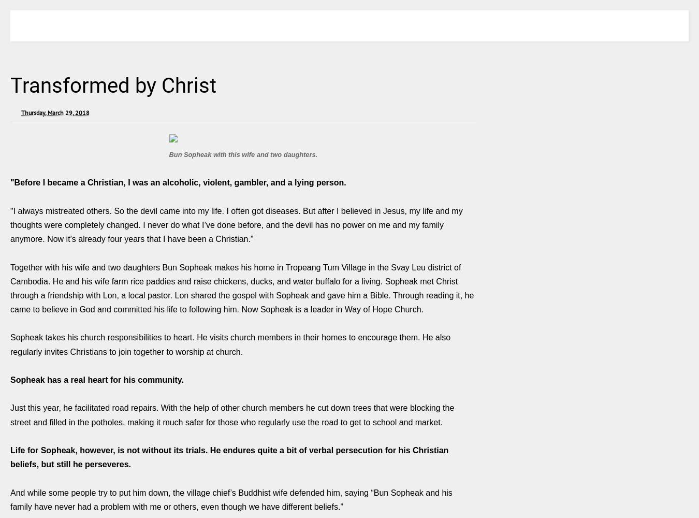  I want to click on 'SEARCH', so click(669, 25).